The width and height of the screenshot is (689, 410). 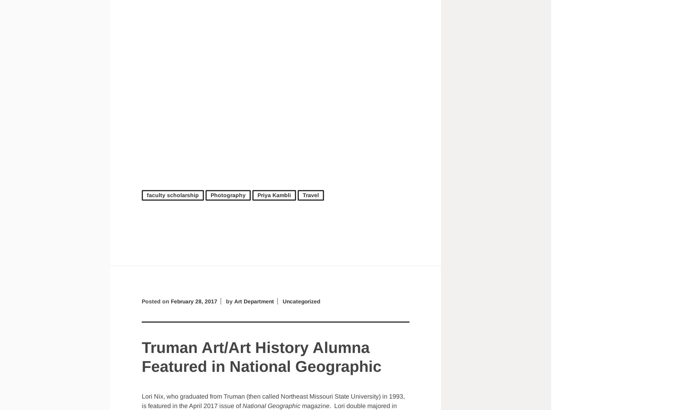 I want to click on 'Truman Art/Art History Alumna Featured in National Geographic', so click(x=266, y=356).